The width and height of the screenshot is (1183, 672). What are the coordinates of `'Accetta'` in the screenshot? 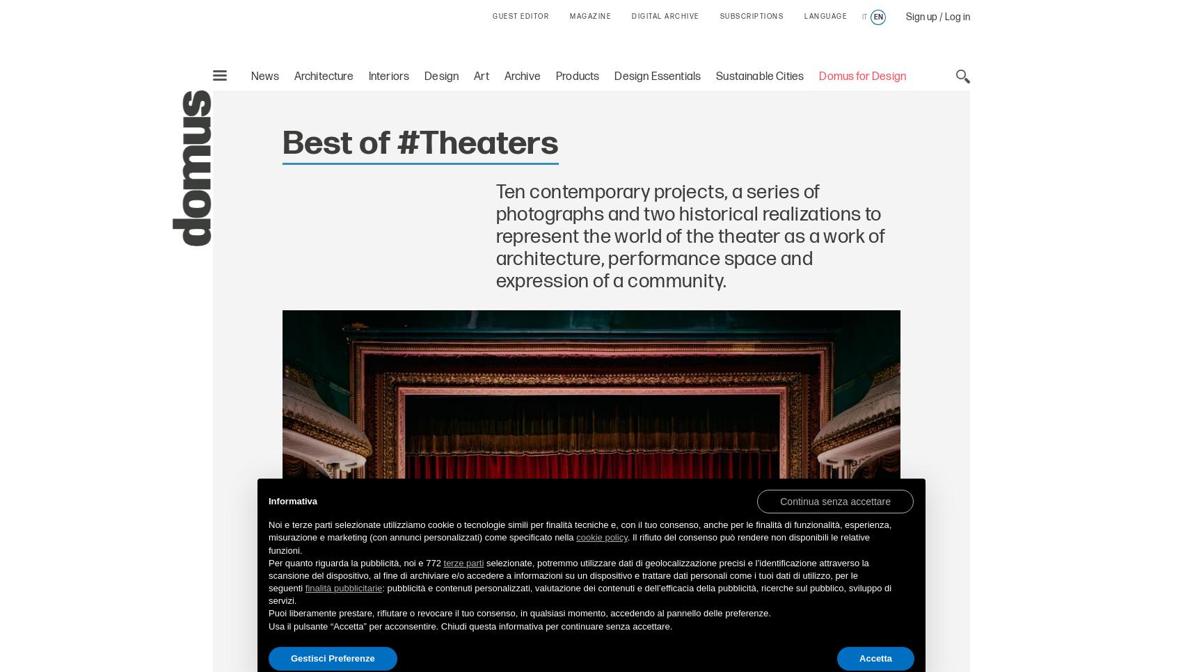 It's located at (875, 657).